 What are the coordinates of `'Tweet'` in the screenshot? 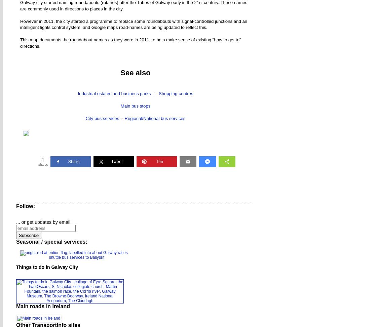 It's located at (111, 161).